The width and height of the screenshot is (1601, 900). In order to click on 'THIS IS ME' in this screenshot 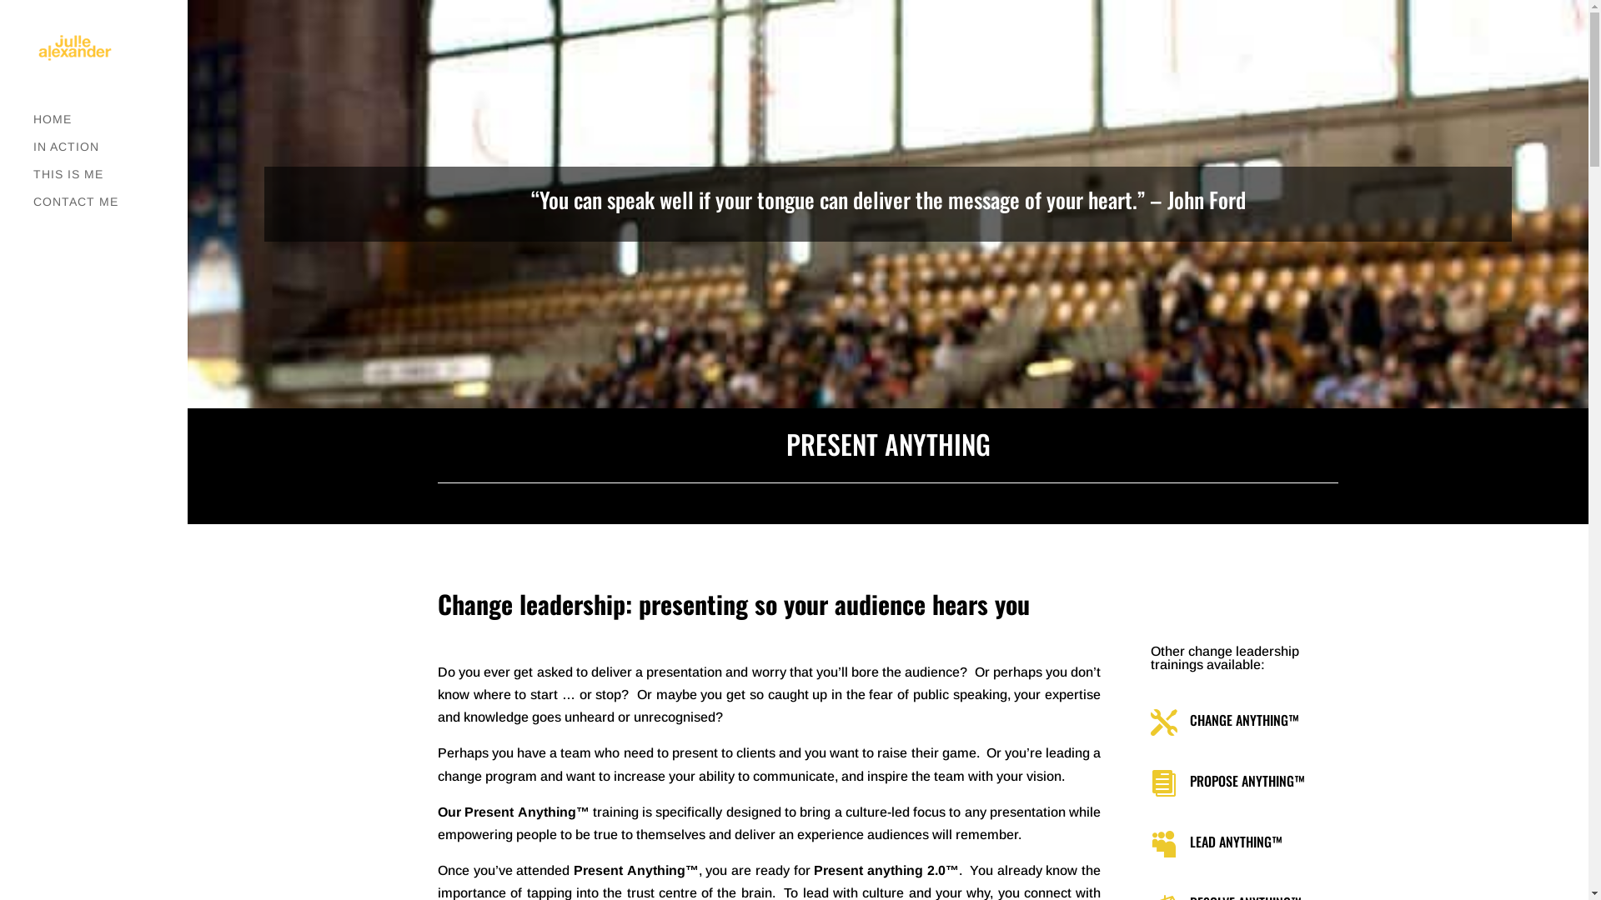, I will do `click(109, 182)`.